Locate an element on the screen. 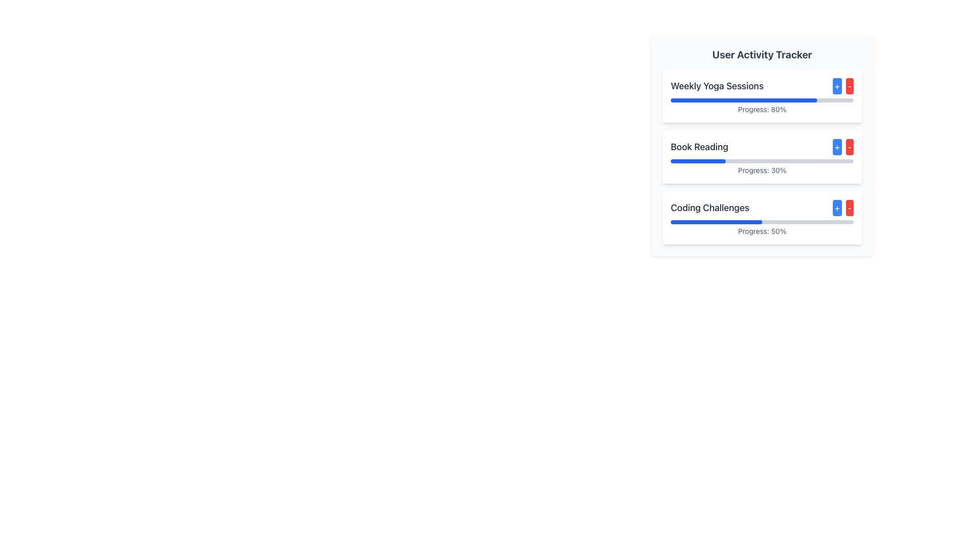 This screenshot has width=975, height=548. the 'Weekly Yoga Sessions' text label to focus the corresponding activity section in the User Activity Tracker is located at coordinates (717, 85).